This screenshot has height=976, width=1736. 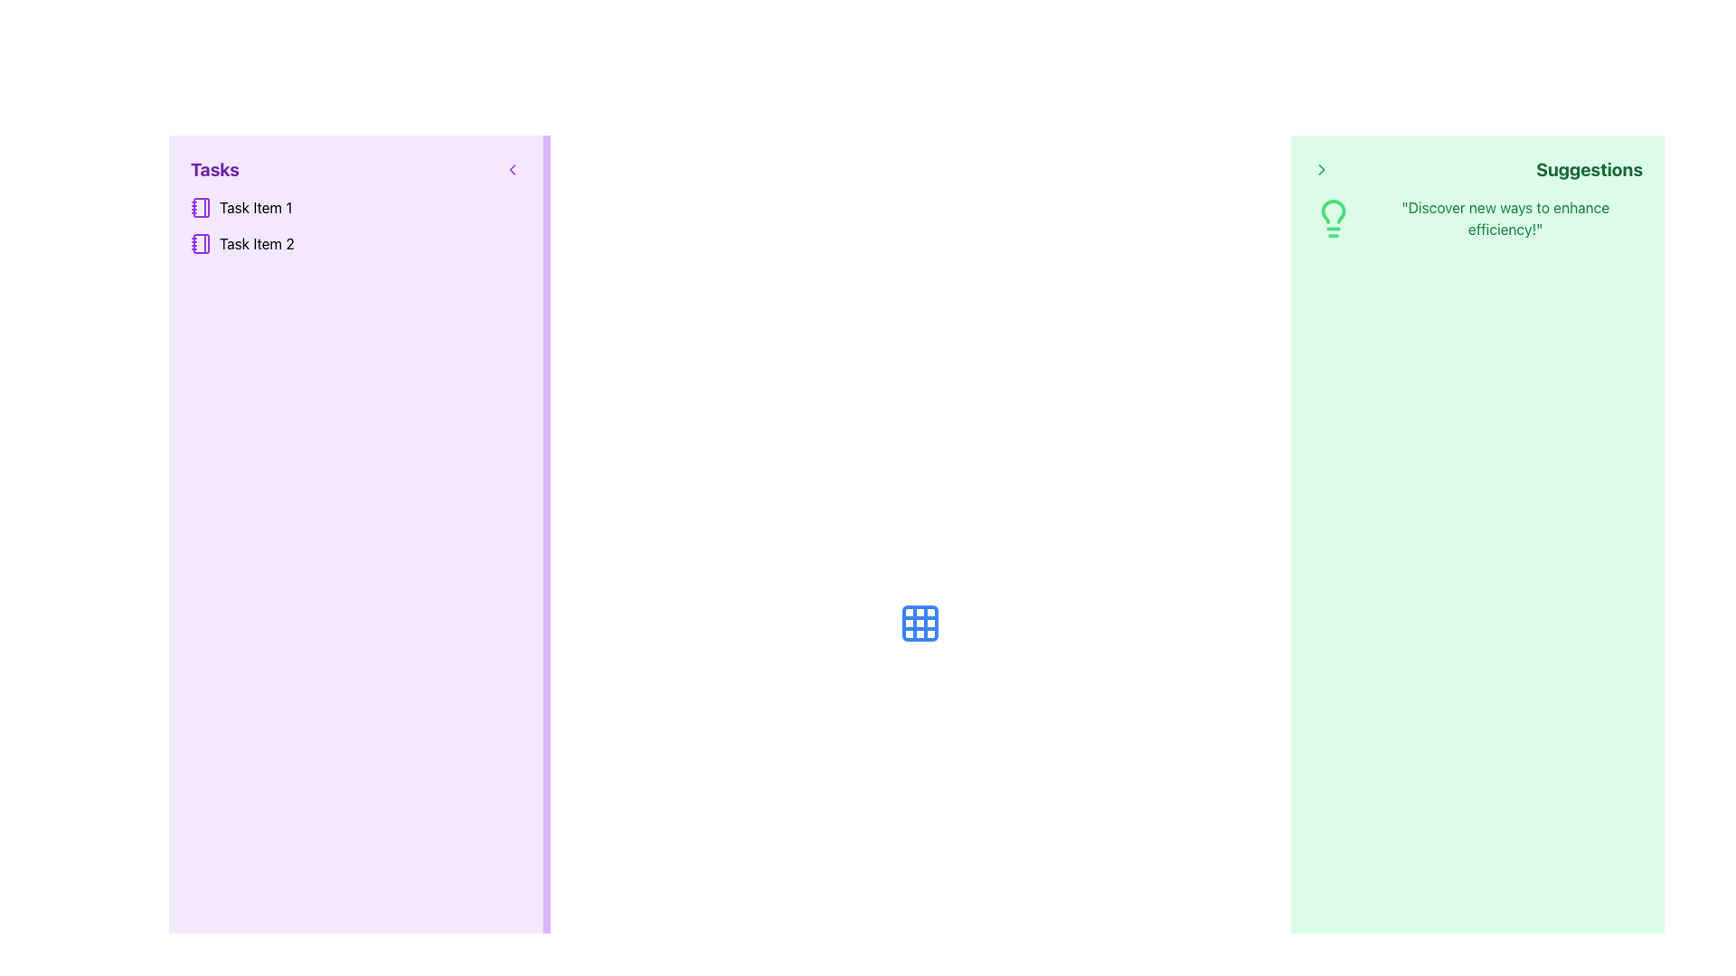 What do you see at coordinates (1333, 218) in the screenshot?
I see `the green lightbulb icon located in the suggestions section to interact with the suggestions category` at bounding box center [1333, 218].